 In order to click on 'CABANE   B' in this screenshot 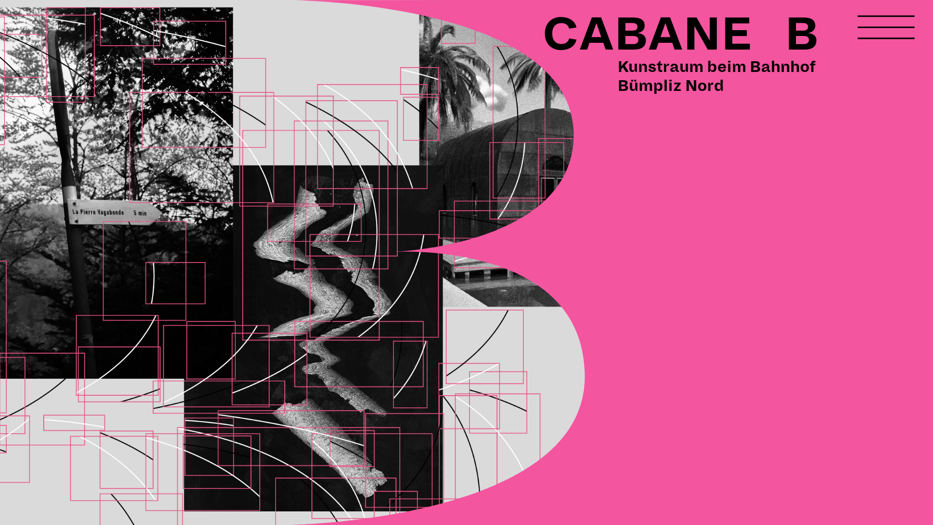, I will do `click(680, 34)`.